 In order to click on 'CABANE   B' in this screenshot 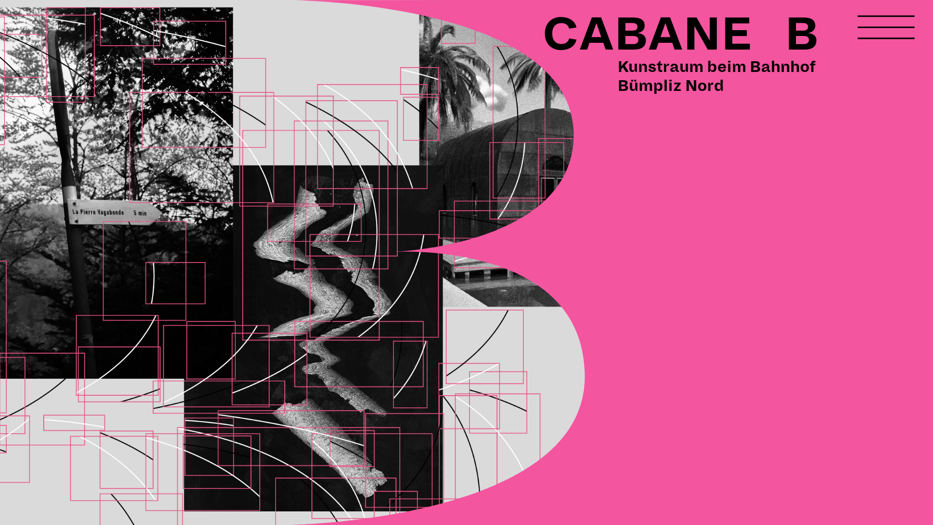, I will do `click(680, 34)`.